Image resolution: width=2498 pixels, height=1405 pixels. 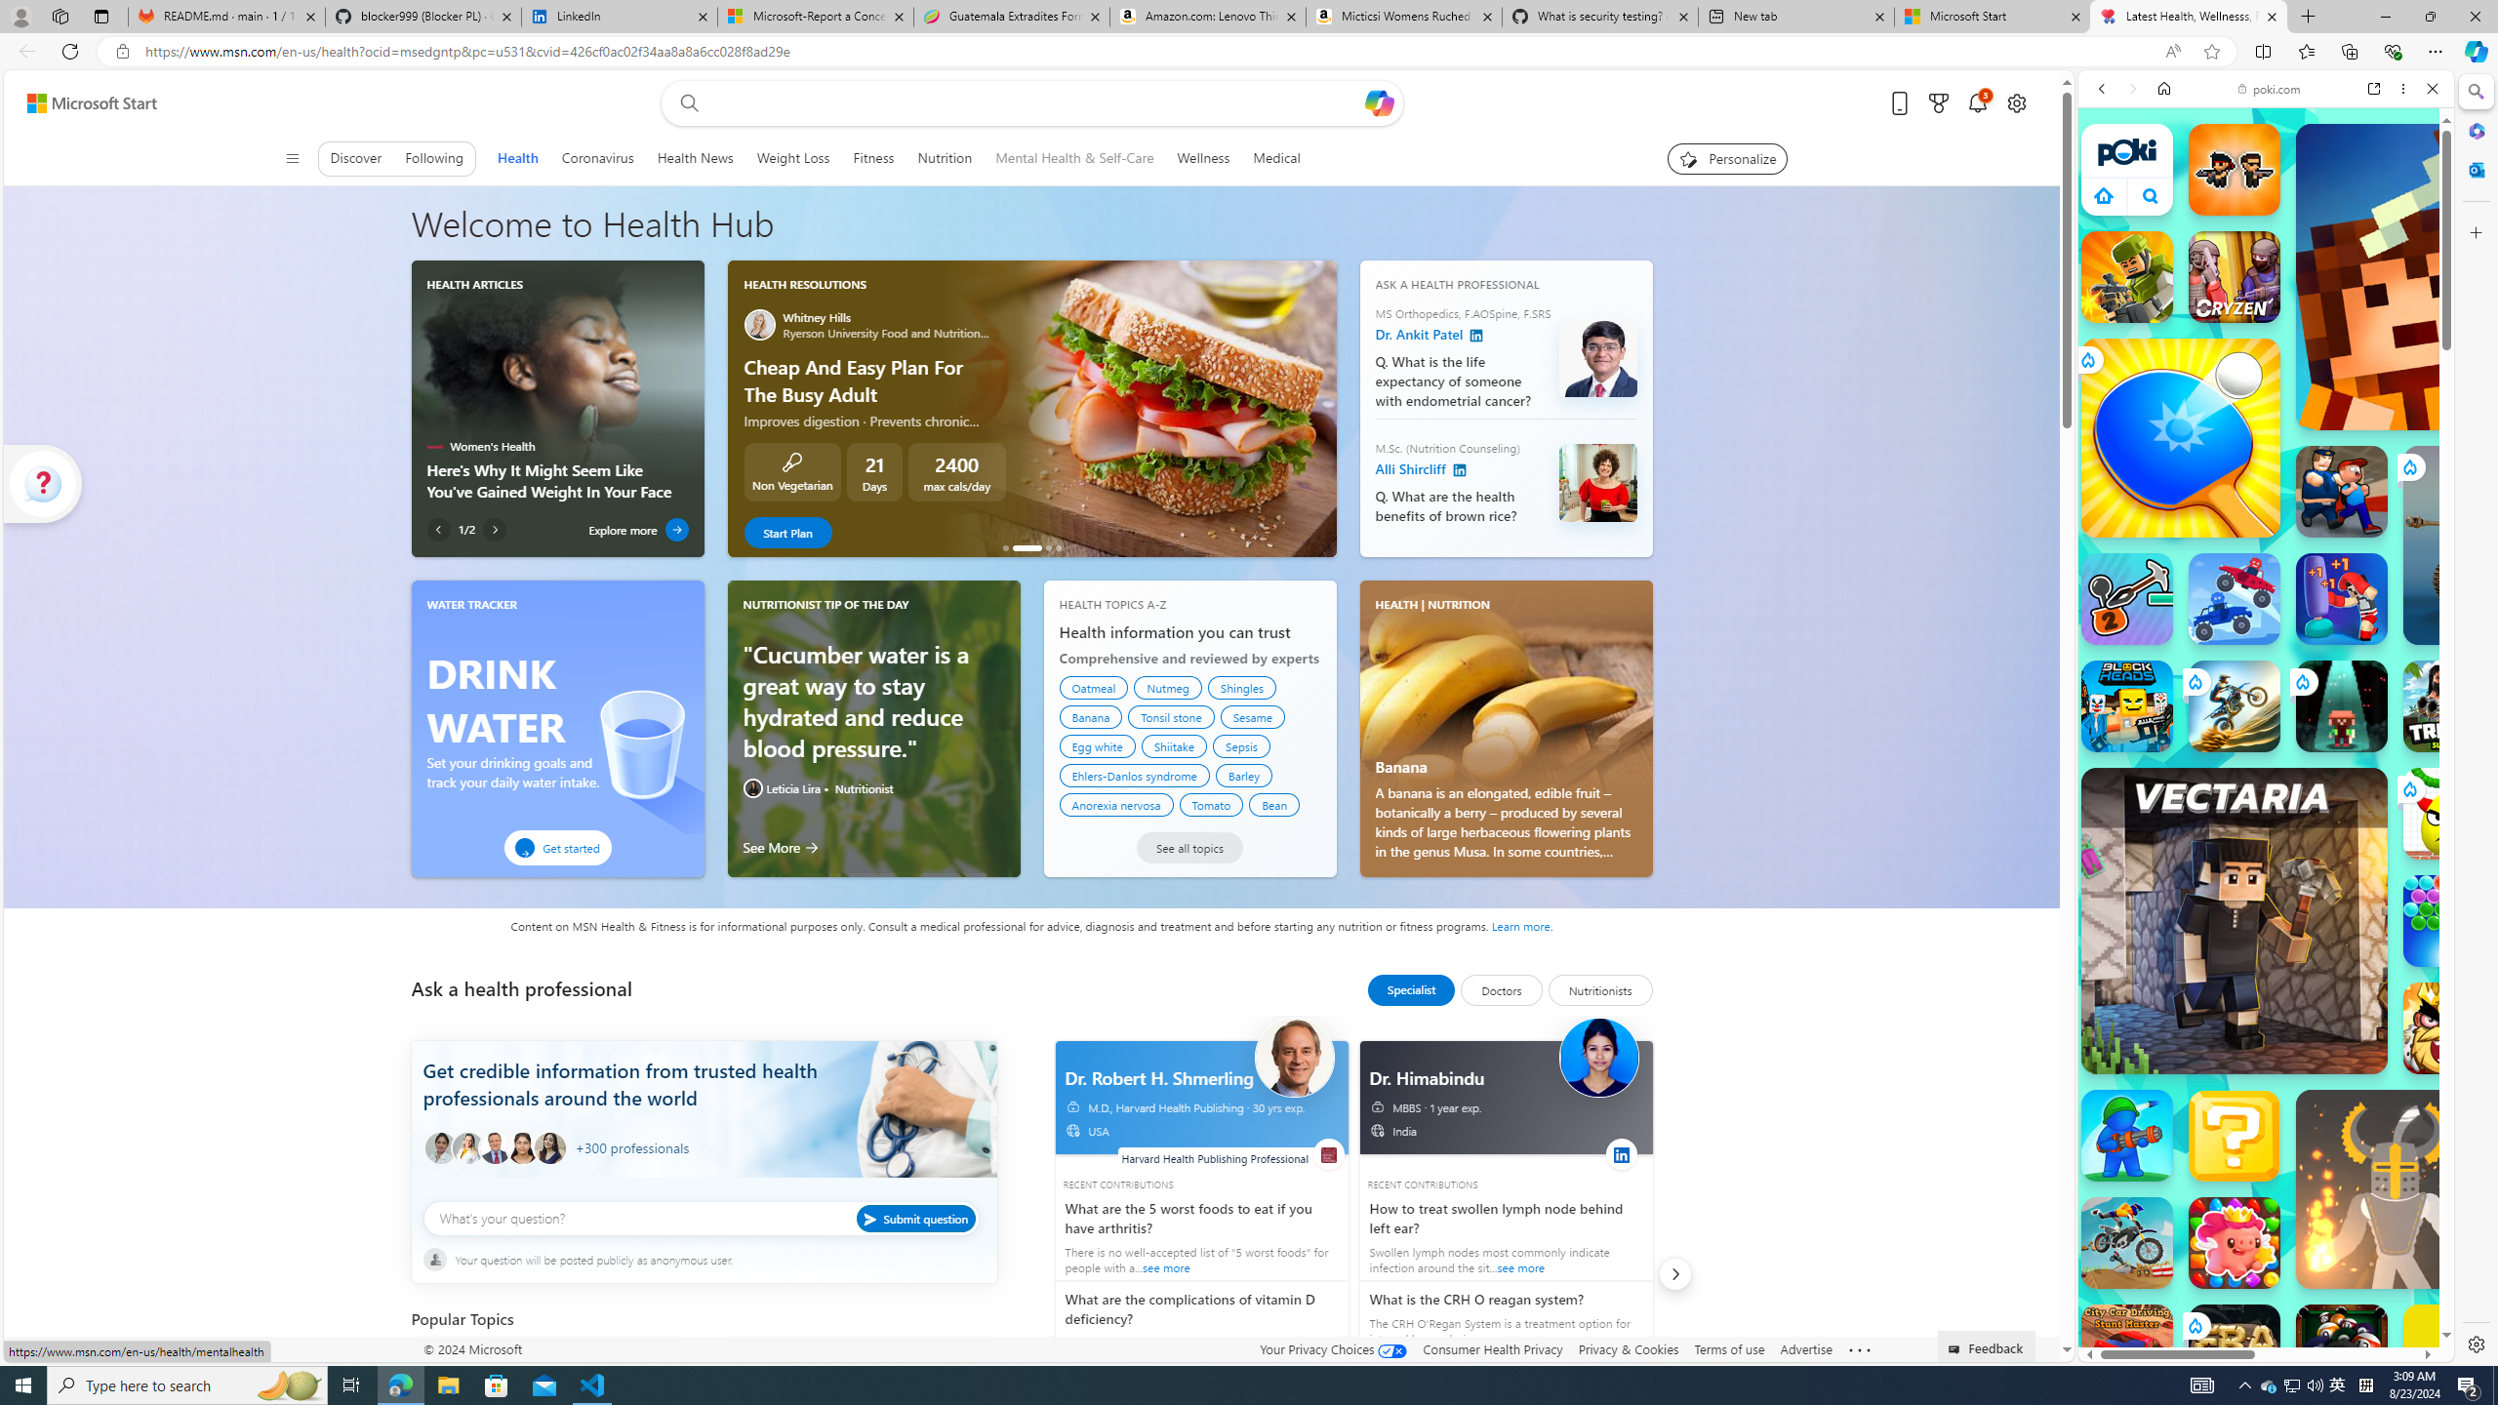 I want to click on 'Medical', so click(x=1276, y=157).